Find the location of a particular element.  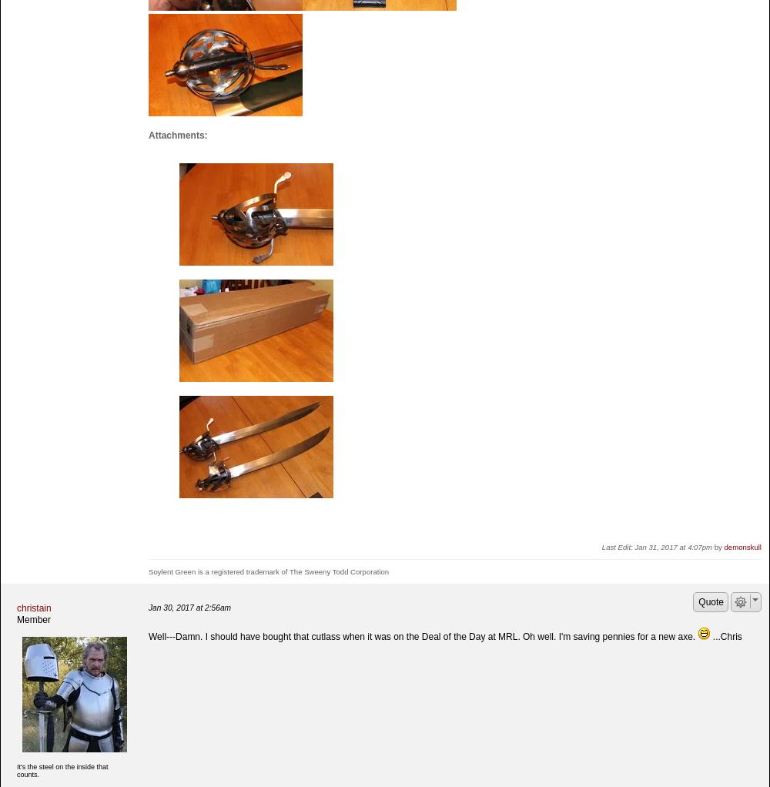

'christain' is located at coordinates (34, 608).